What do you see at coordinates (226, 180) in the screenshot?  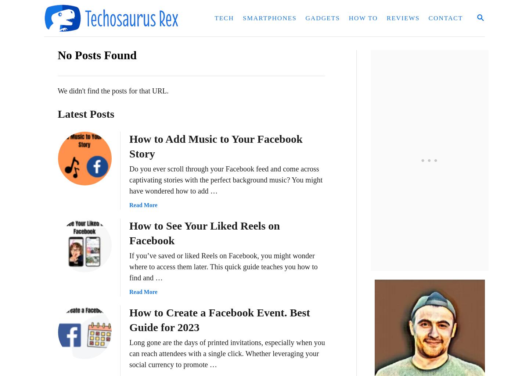 I see `'Do you ever scroll through your Facebook feed and come across captivating stories with the perfect background music? You might have wondered how to add …'` at bounding box center [226, 180].